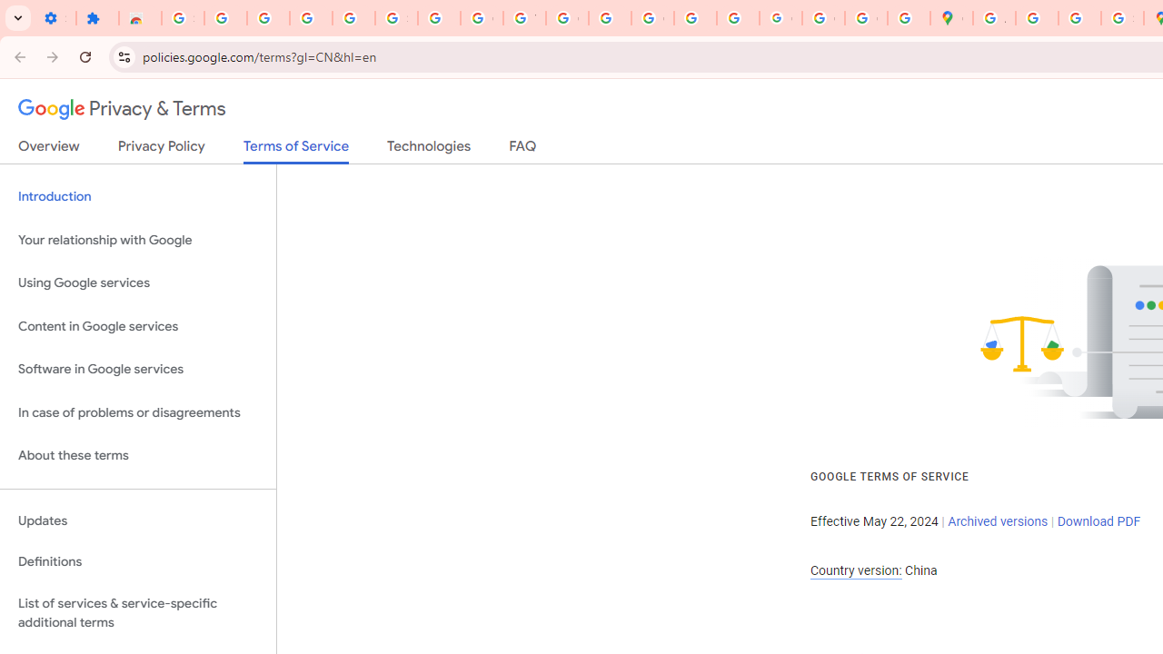 This screenshot has width=1163, height=654. Describe the element at coordinates (139, 18) in the screenshot. I see `'Reviews: Helix Fruit Jump Arcade Game'` at that location.